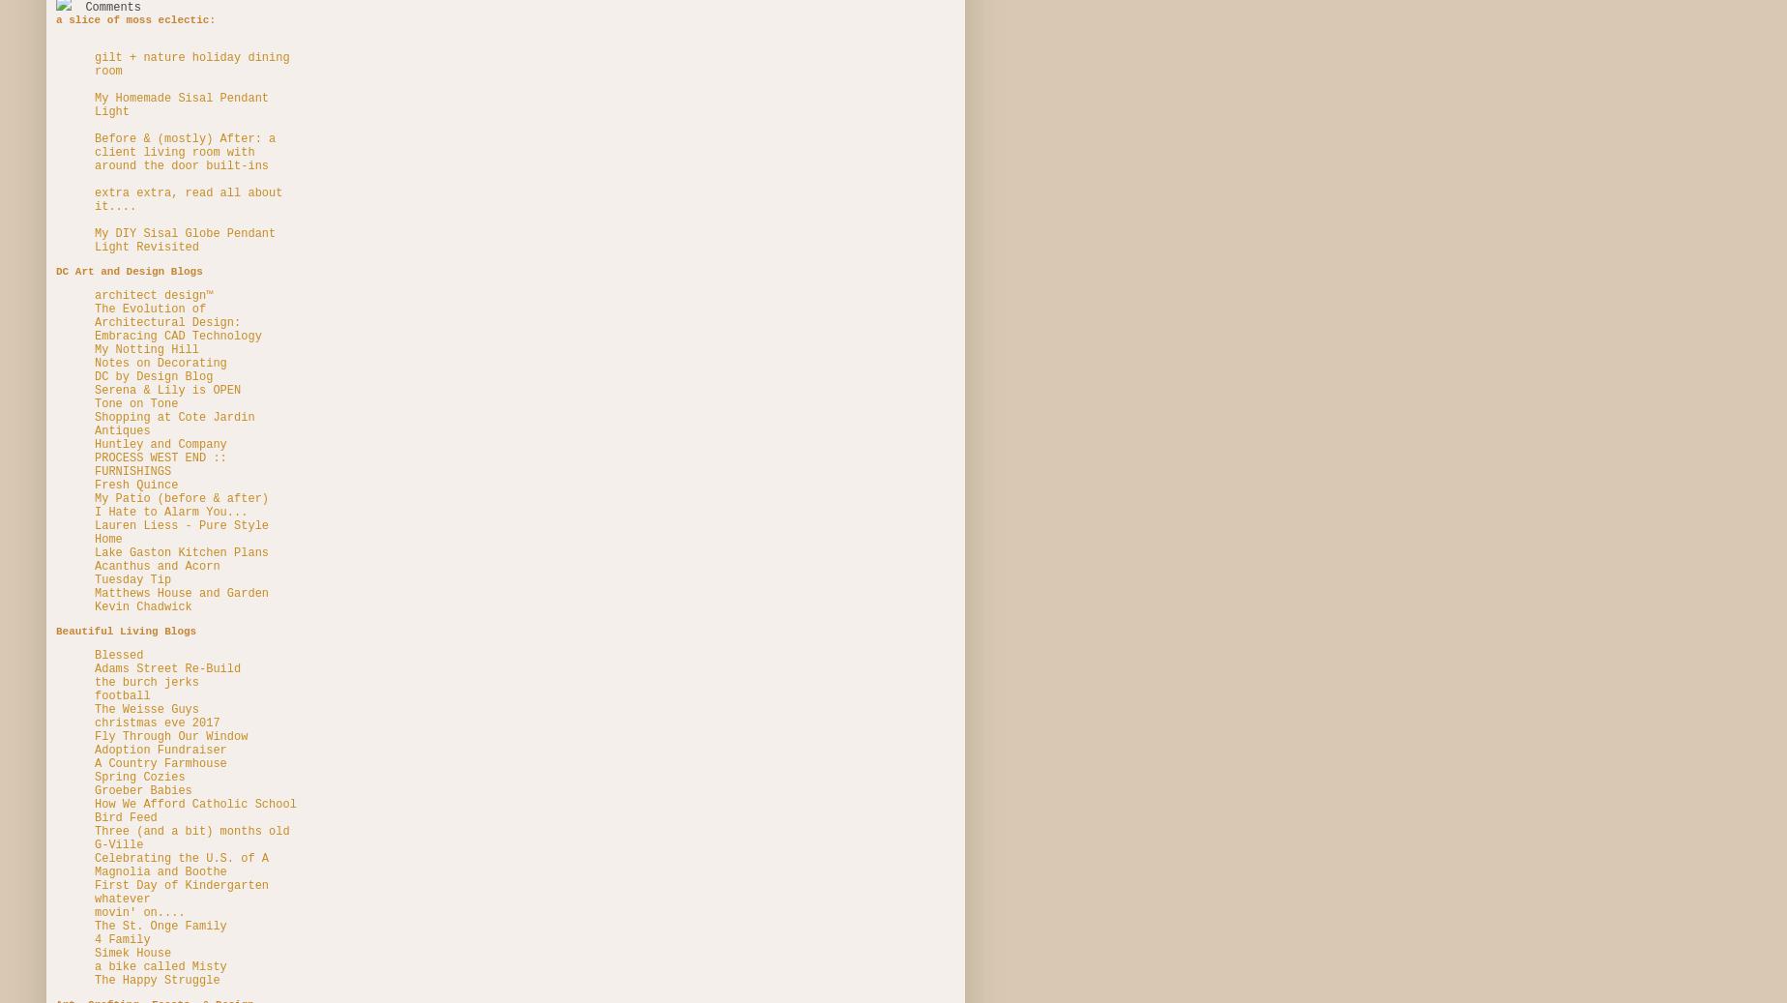  I want to click on 'Fresh Quince', so click(136, 483).